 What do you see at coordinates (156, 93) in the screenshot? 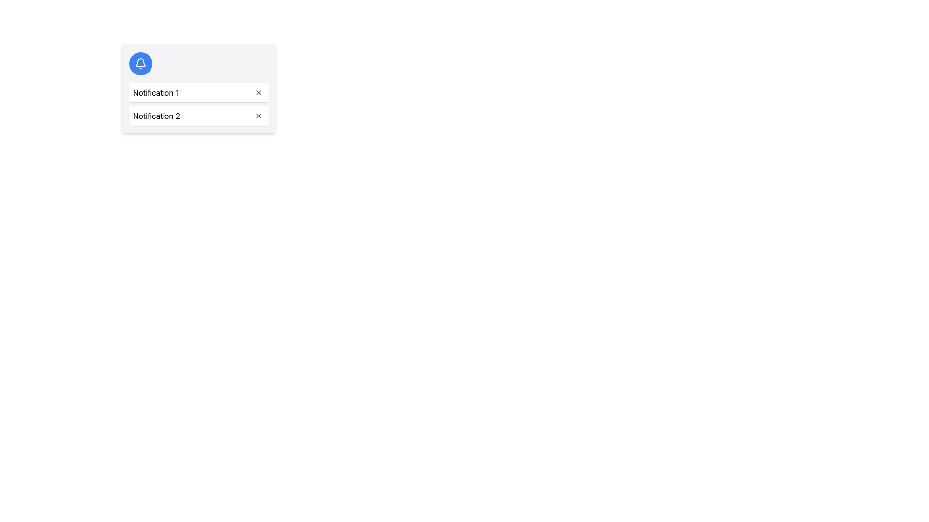
I see `the text label displaying 'Notification 1' in a bold, black font located inside the white, rectangular notification box below the bell icon` at bounding box center [156, 93].